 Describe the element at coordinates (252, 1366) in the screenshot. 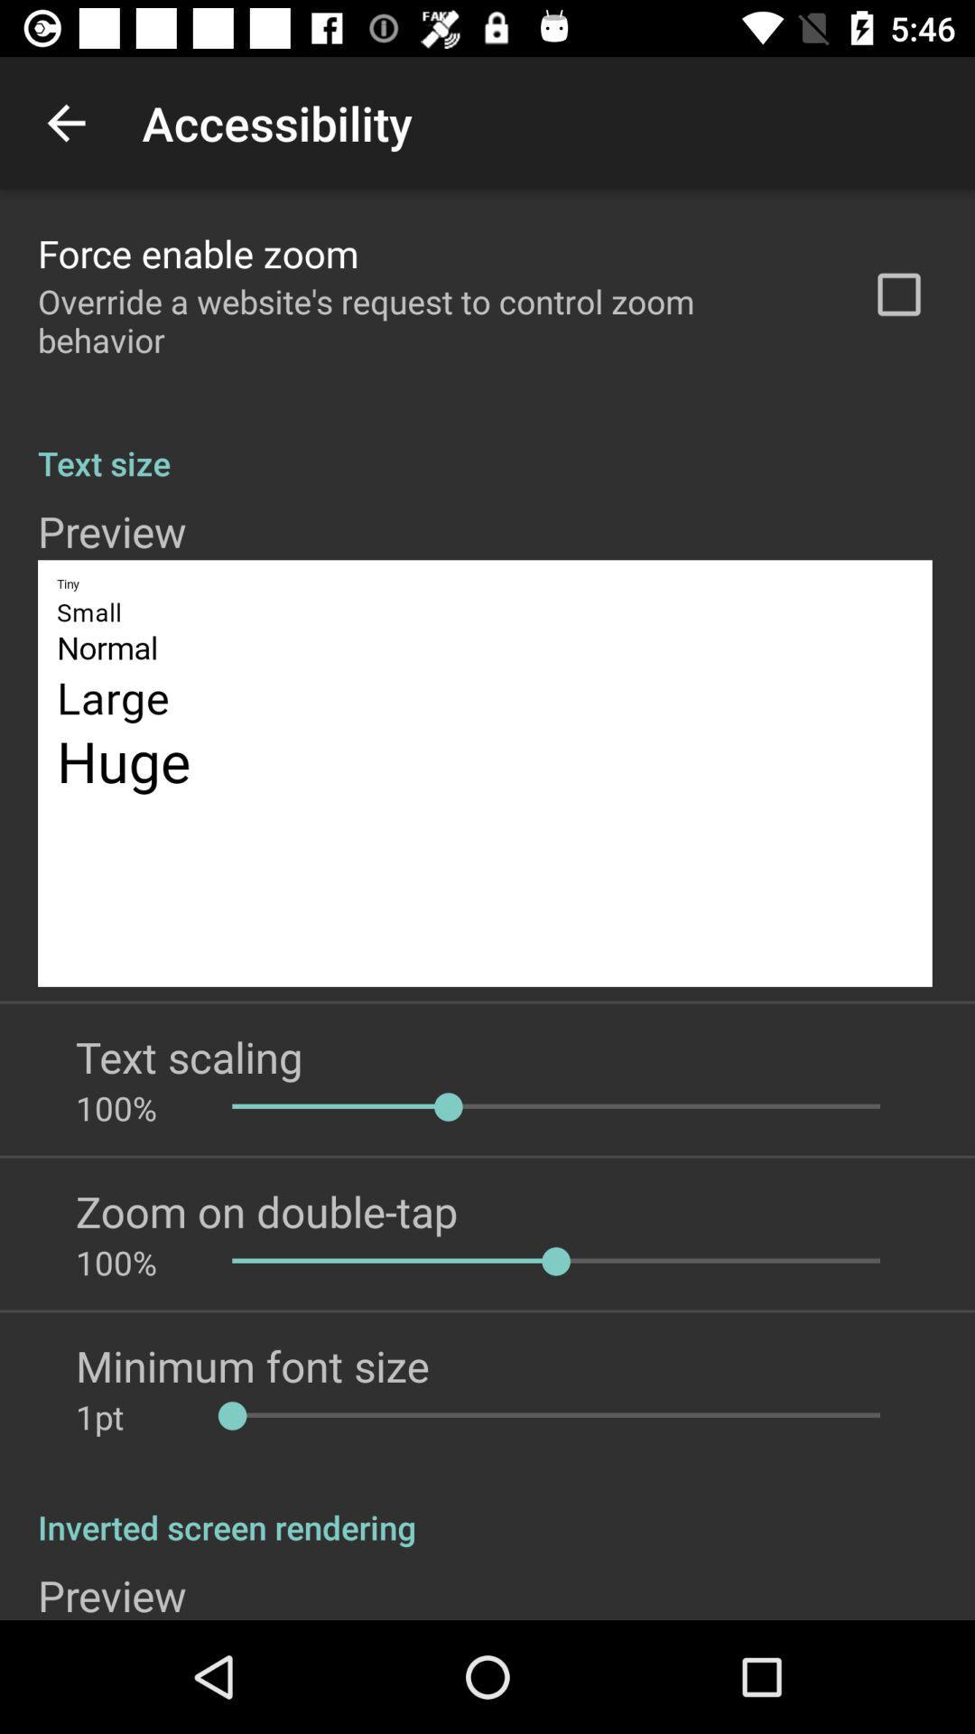

I see `item below 100% app` at that location.